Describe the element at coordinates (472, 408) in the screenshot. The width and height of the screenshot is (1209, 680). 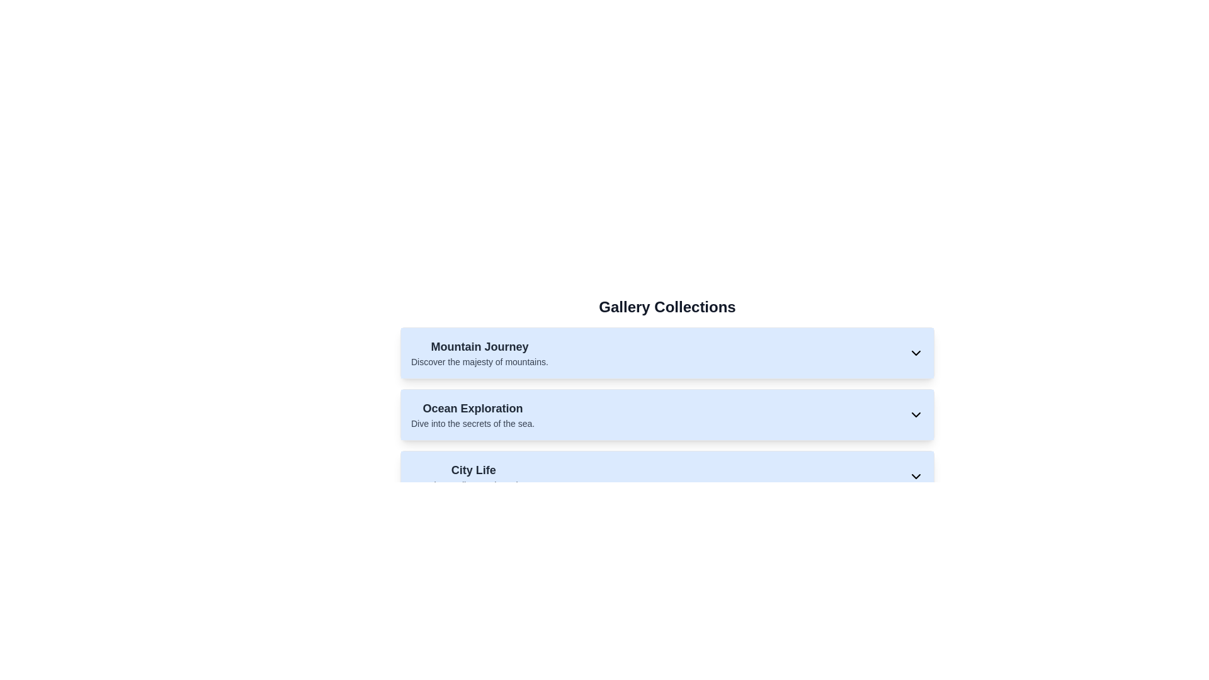
I see `the 'Ocean Exploration' text label, which is styled with a large bold font in dark gray on a light blue background, located in the 'Gallery Collections' section` at that location.